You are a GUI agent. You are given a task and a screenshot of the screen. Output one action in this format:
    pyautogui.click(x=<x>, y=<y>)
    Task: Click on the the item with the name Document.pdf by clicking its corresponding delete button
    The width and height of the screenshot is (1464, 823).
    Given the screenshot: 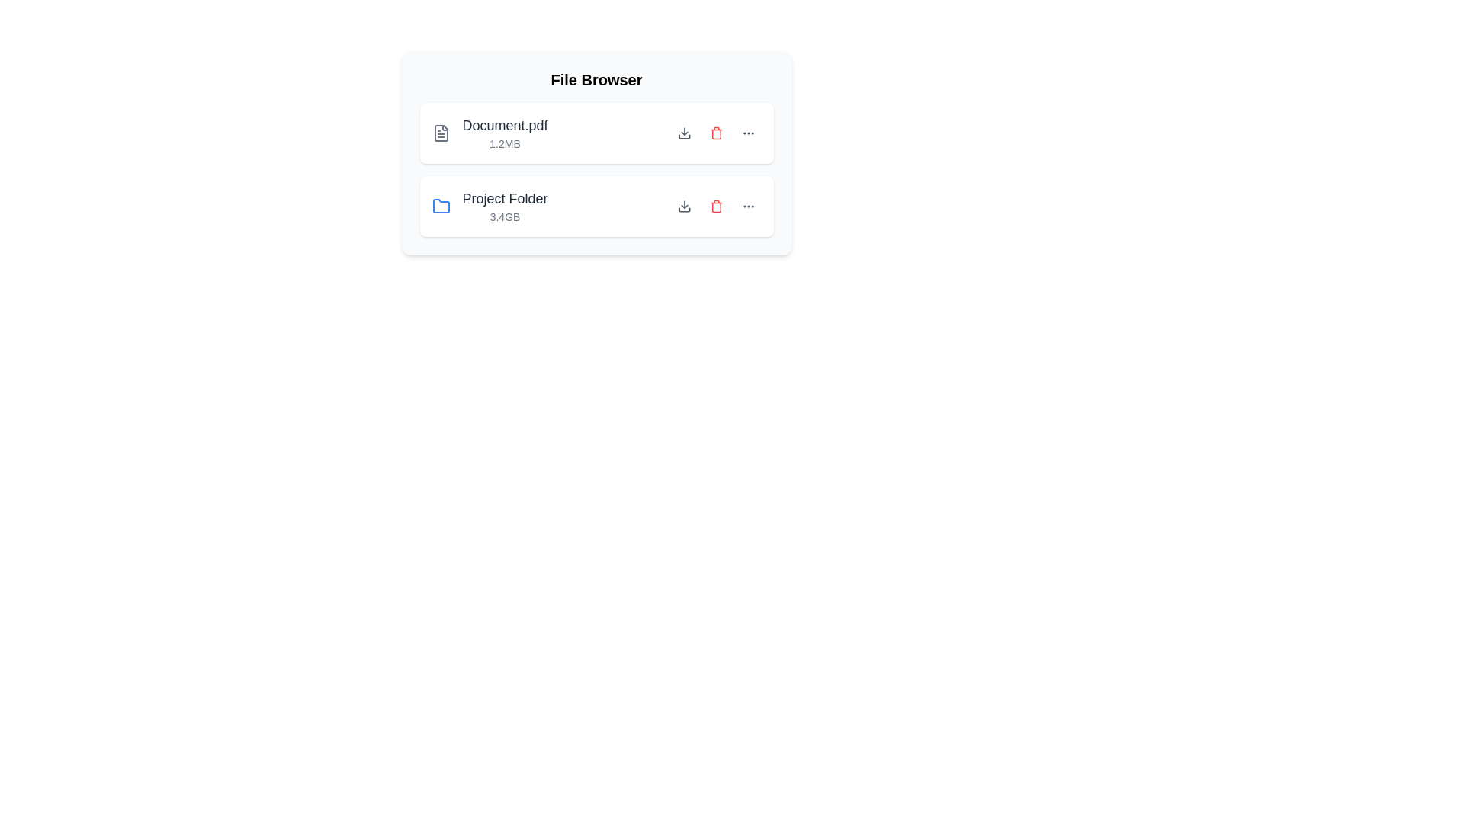 What is the action you would take?
    pyautogui.click(x=715, y=132)
    